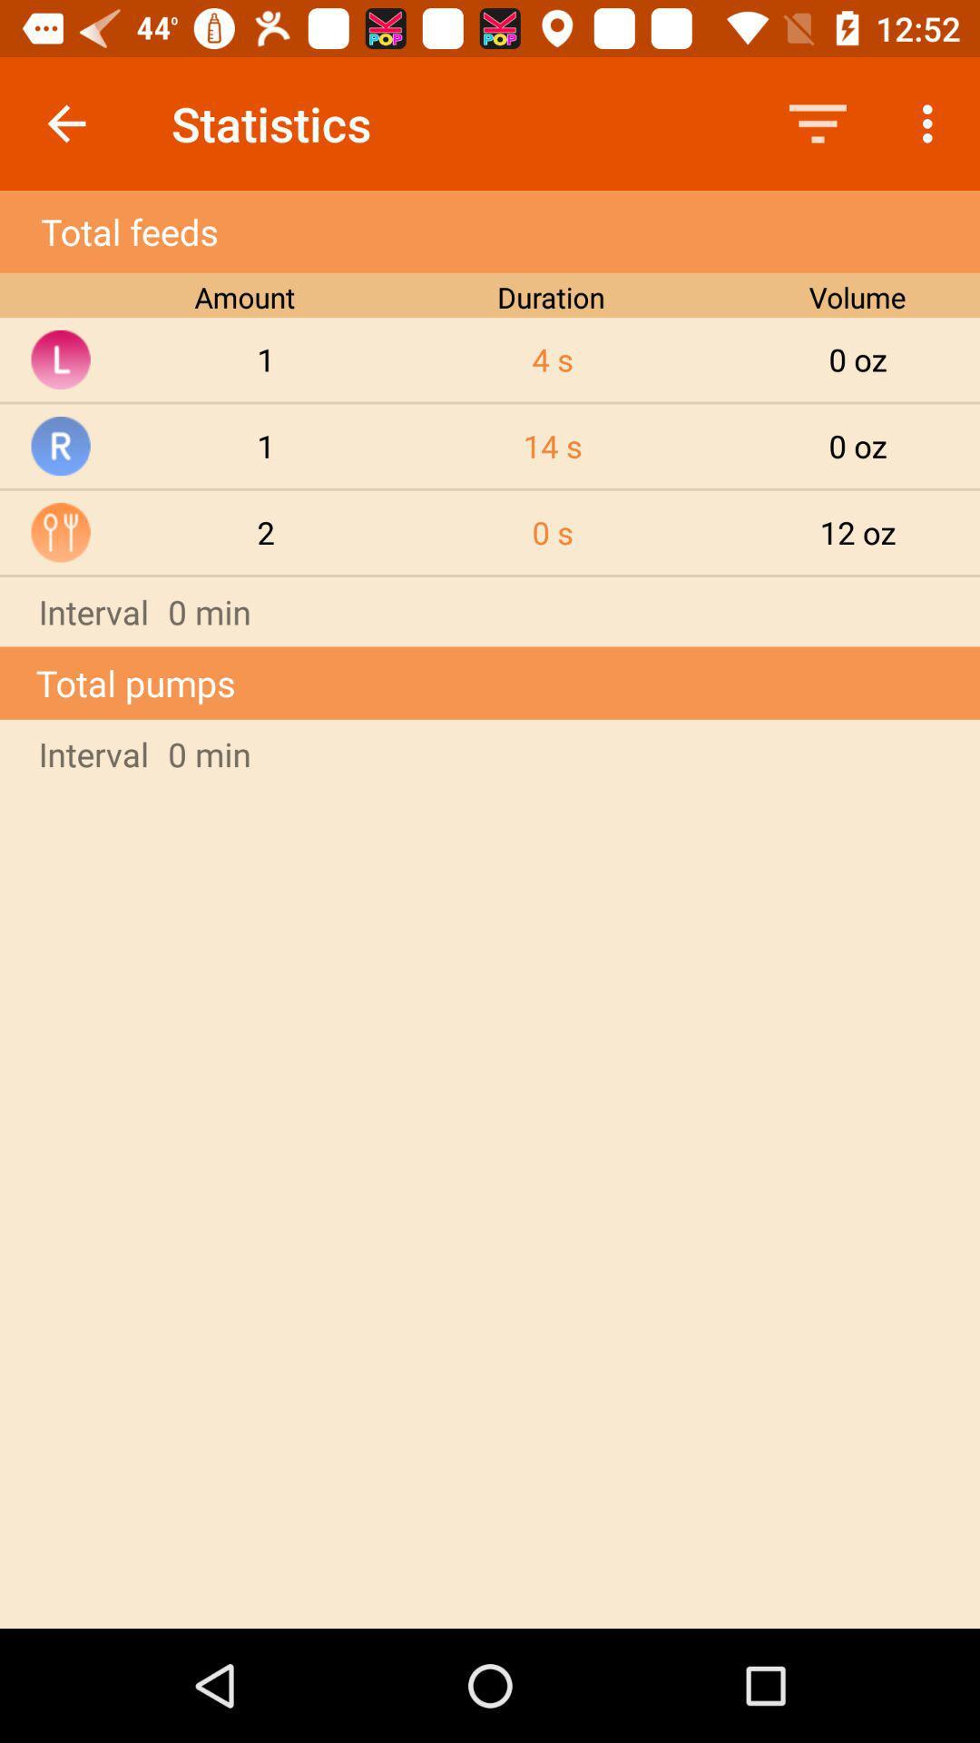 This screenshot has width=980, height=1743. I want to click on icon next to the 14 s icon, so click(266, 531).